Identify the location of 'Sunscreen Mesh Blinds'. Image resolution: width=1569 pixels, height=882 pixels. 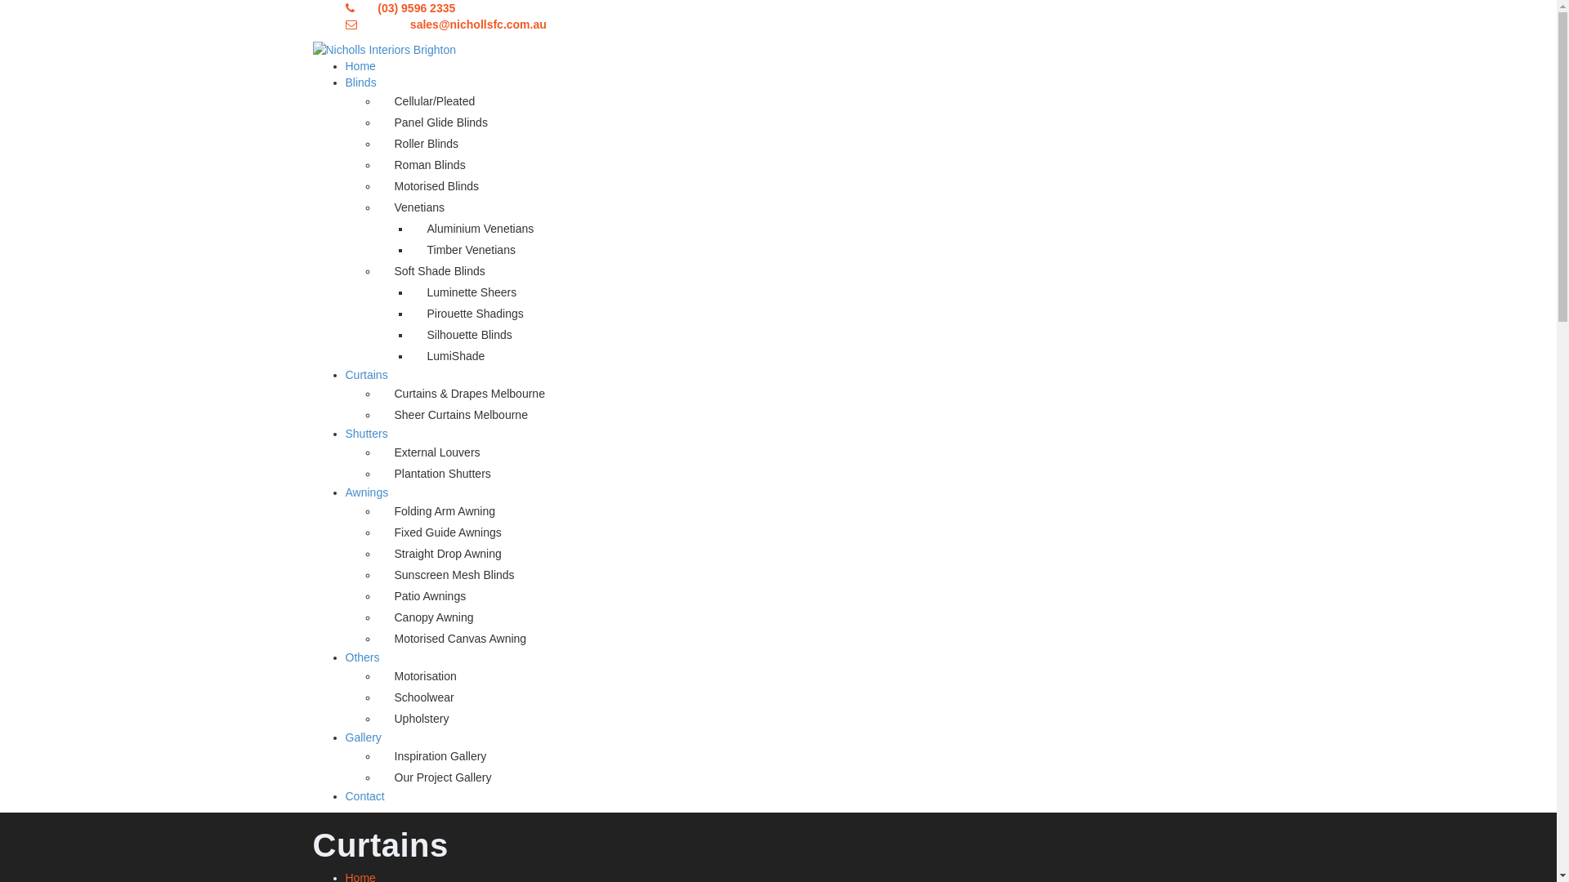
(376, 574).